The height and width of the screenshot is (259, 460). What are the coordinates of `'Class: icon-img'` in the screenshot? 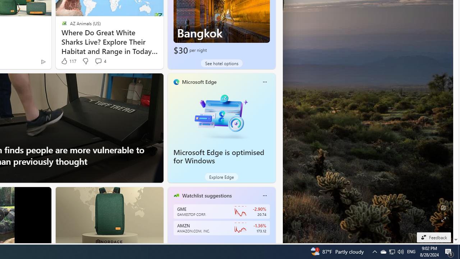 It's located at (264, 195).